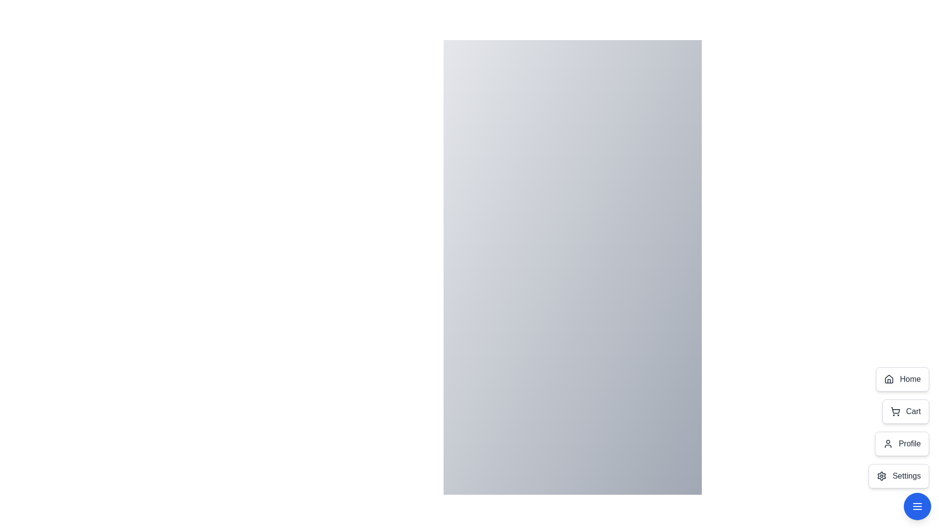 This screenshot has width=939, height=528. What do you see at coordinates (899, 476) in the screenshot?
I see `the Settings navigation button` at bounding box center [899, 476].